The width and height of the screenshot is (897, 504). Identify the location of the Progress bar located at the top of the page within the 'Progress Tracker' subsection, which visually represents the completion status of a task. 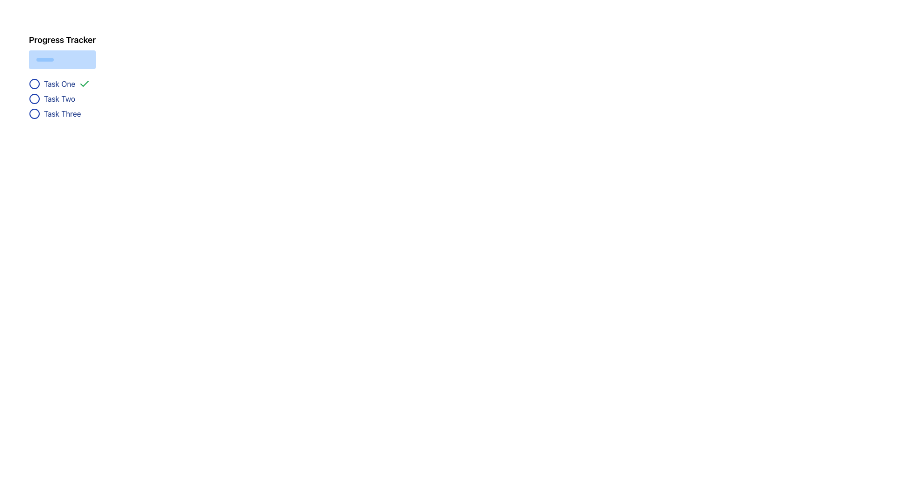
(44, 59).